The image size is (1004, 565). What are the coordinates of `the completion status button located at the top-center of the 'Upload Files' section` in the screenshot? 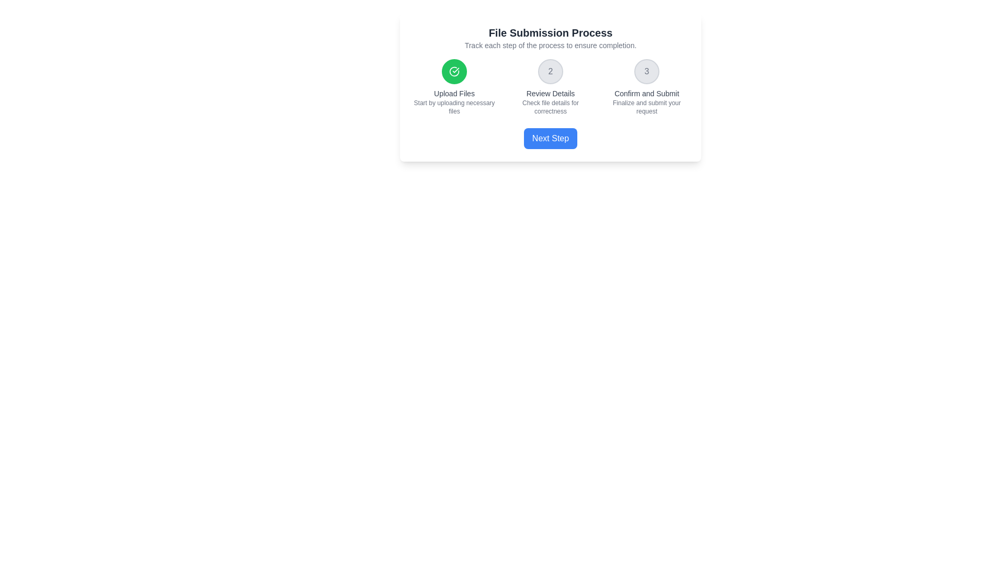 It's located at (454, 71).